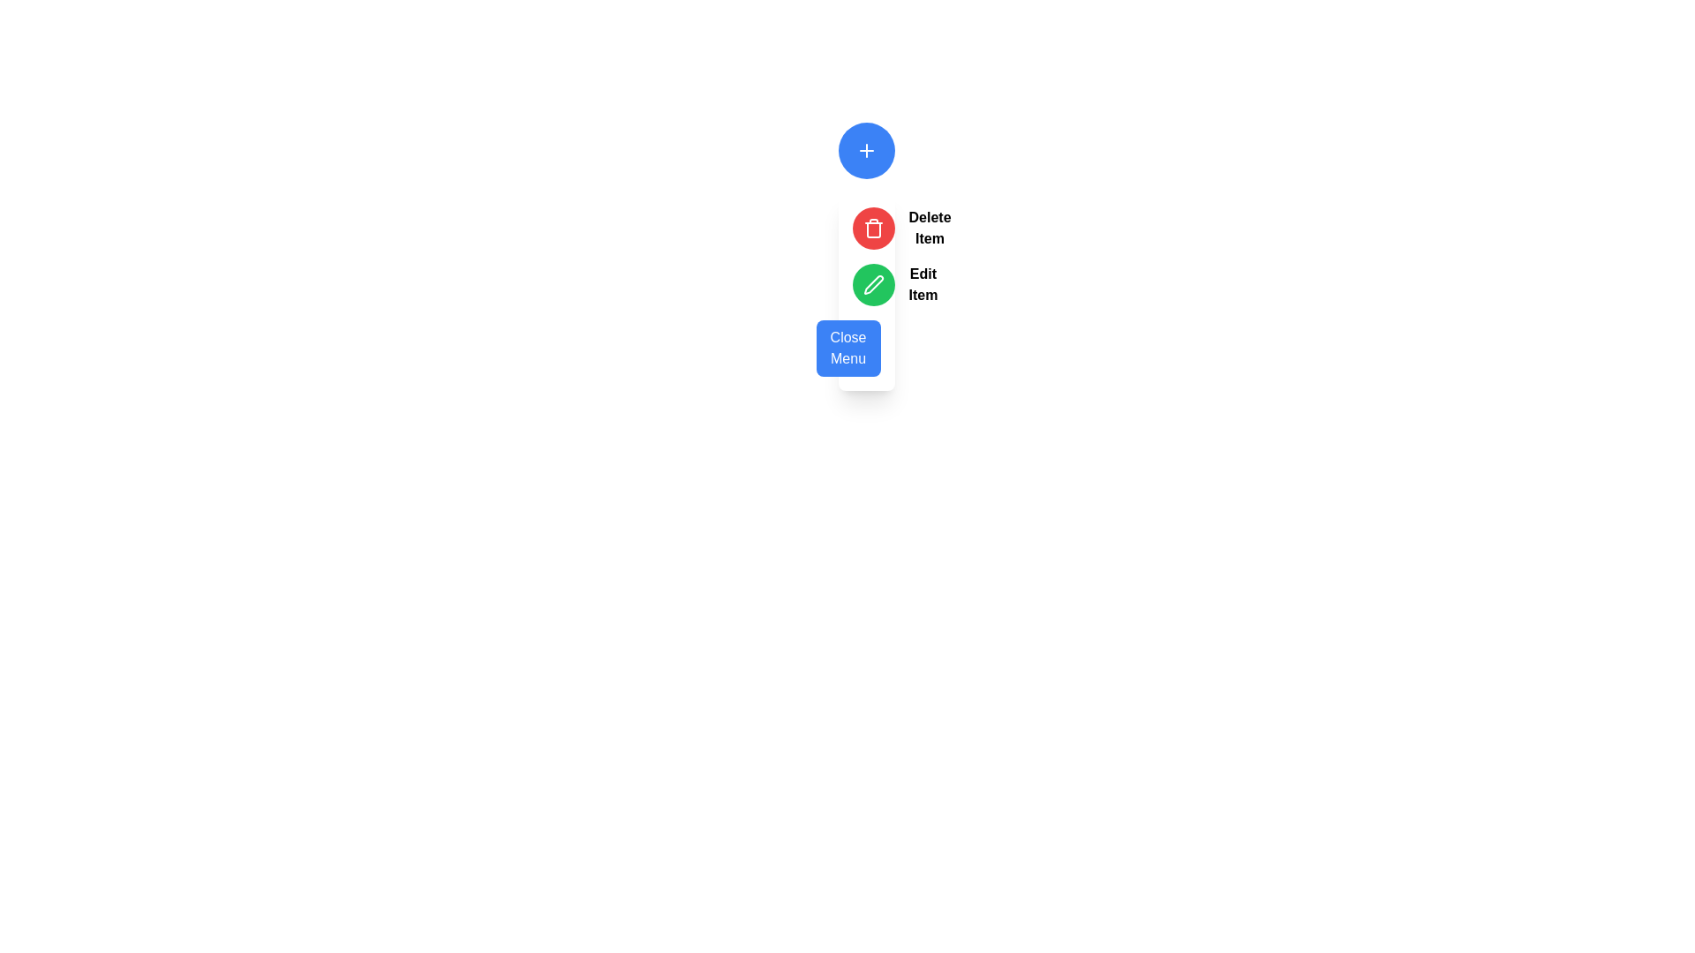  Describe the element at coordinates (866, 149) in the screenshot. I see `the small blue circular button with a white 'plus' icon at the topmost position of the vertical menu stack` at that location.